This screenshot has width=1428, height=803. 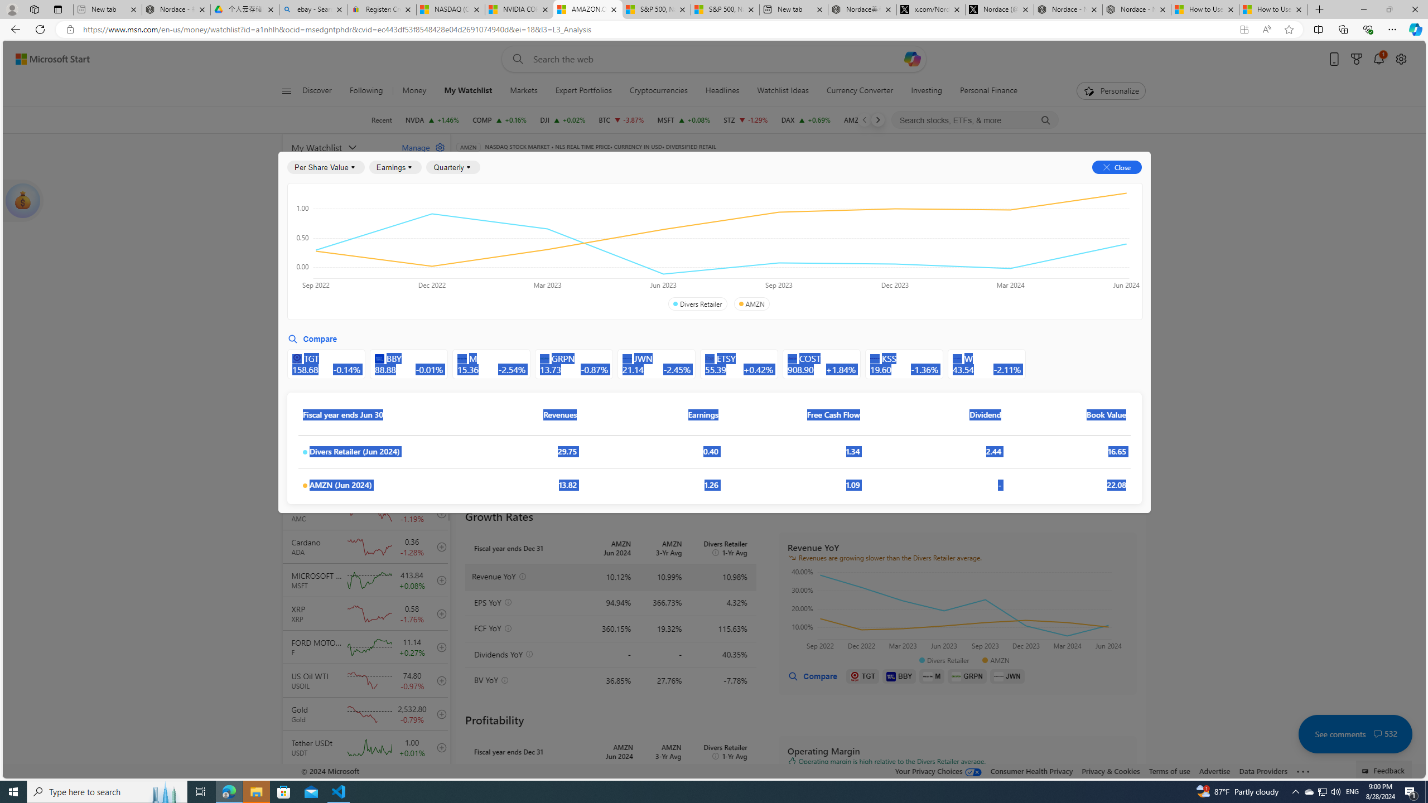 What do you see at coordinates (725, 9) in the screenshot?
I see `'S&P 500, Nasdaq end lower, weighed by Nvidia dip | Watch'` at bounding box center [725, 9].